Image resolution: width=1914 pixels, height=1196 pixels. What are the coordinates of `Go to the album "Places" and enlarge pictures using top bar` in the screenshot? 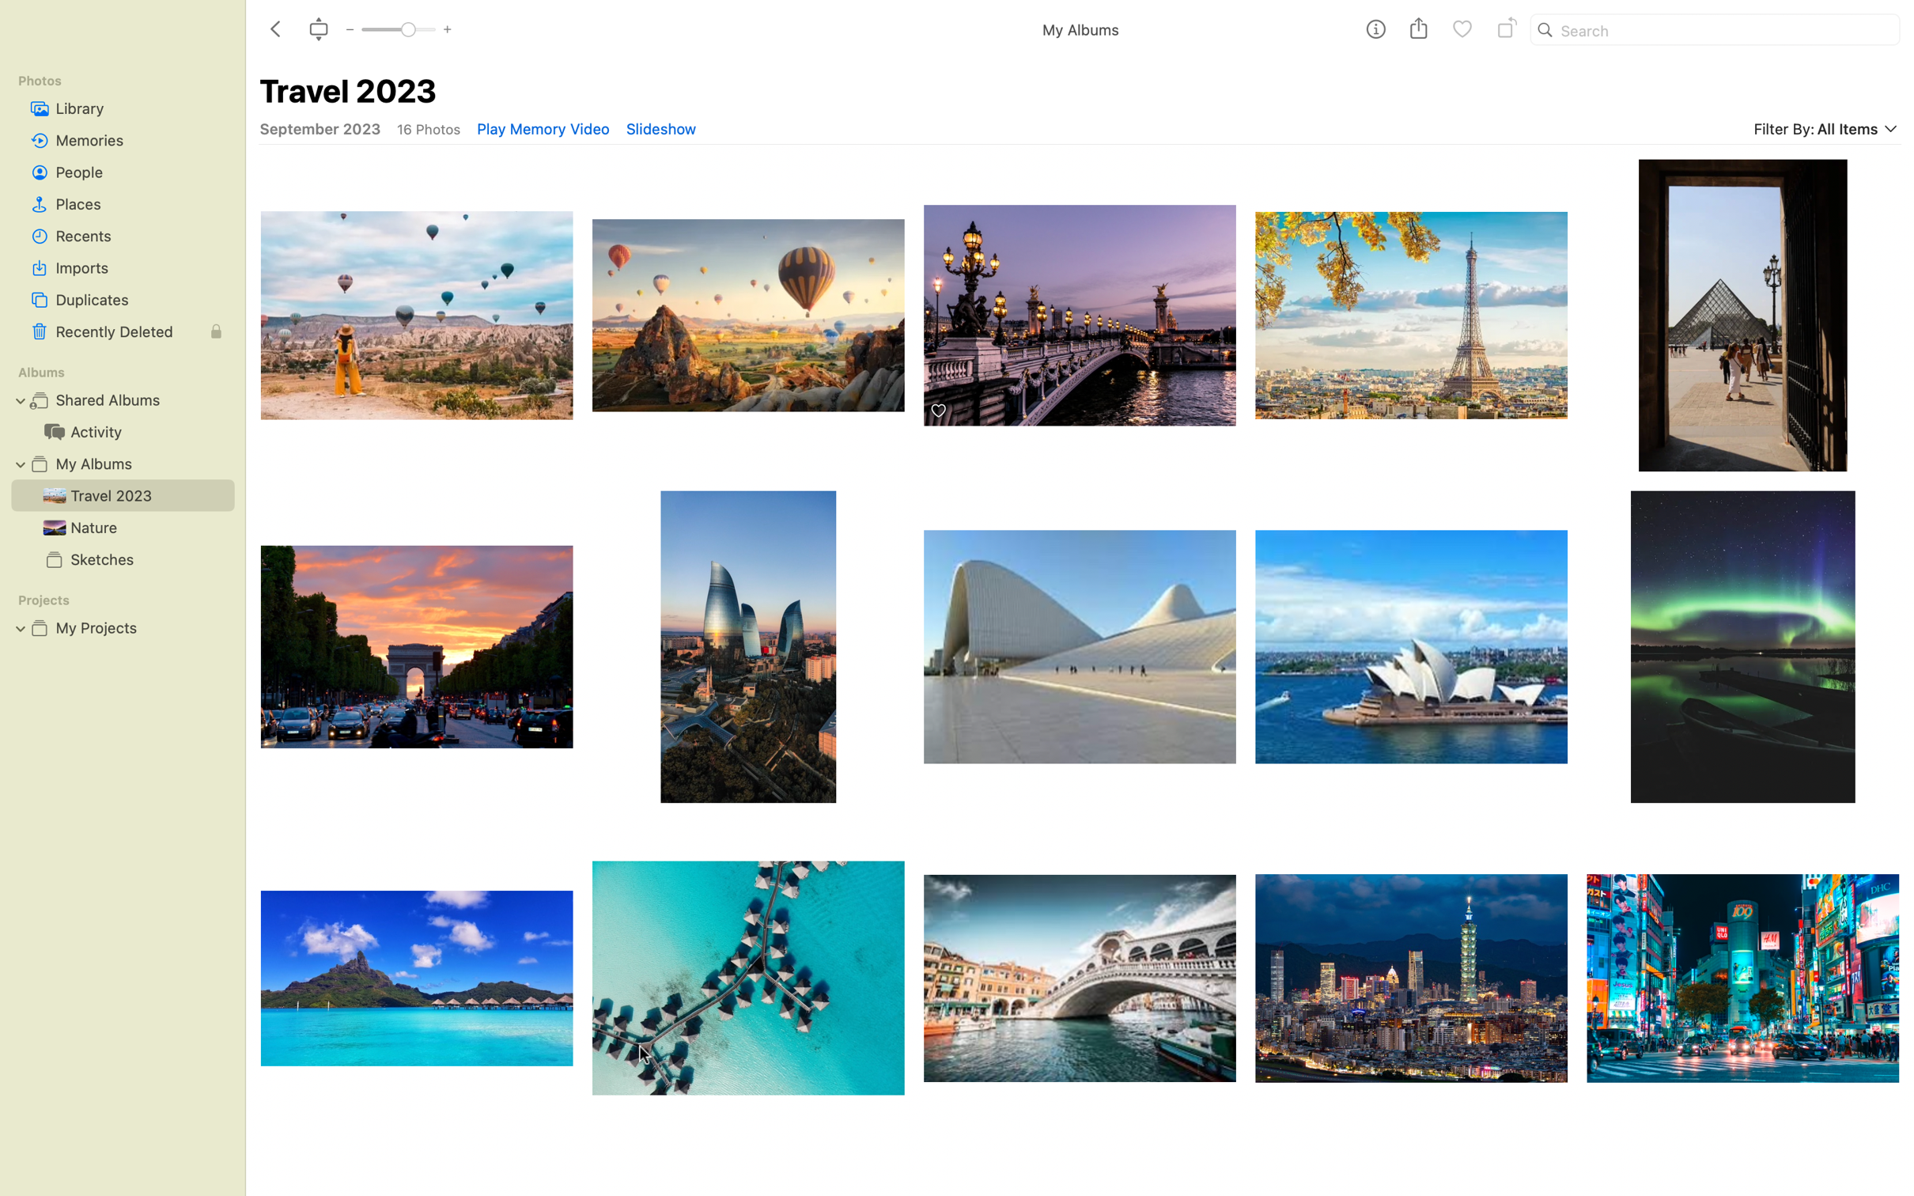 It's located at (122, 204).